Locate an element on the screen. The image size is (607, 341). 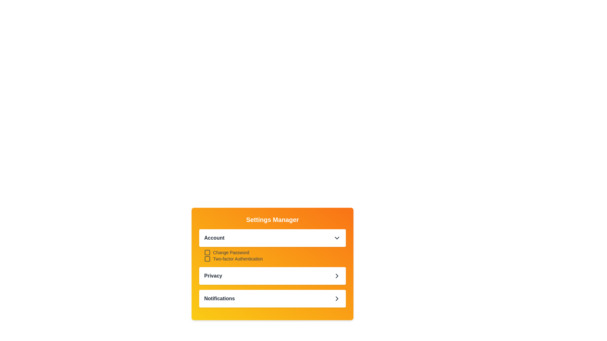
the text label that serves as a clickable menu item leading to the notifications settings, located on the left side relative to a chevron icon is located at coordinates (219, 298).